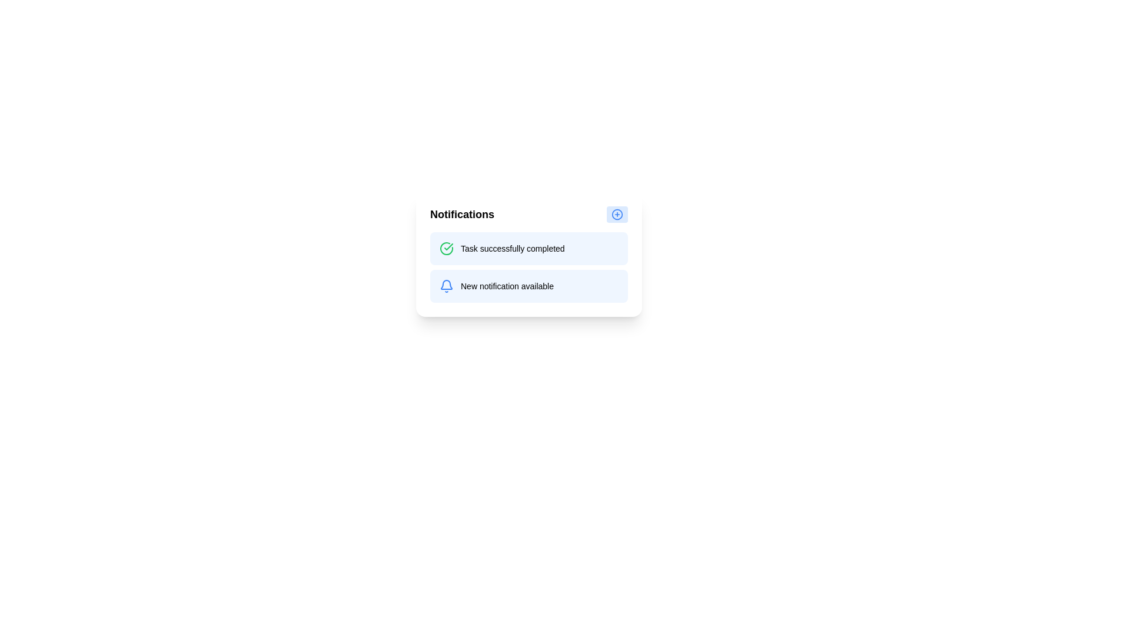 The image size is (1130, 635). I want to click on the Notification panel to interact with system messages or updates, so click(528, 253).